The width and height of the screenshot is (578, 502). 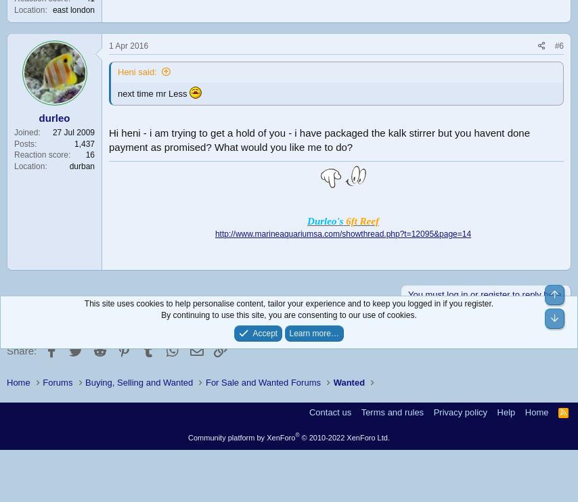 I want to click on '27 Jul 2009', so click(x=73, y=131).